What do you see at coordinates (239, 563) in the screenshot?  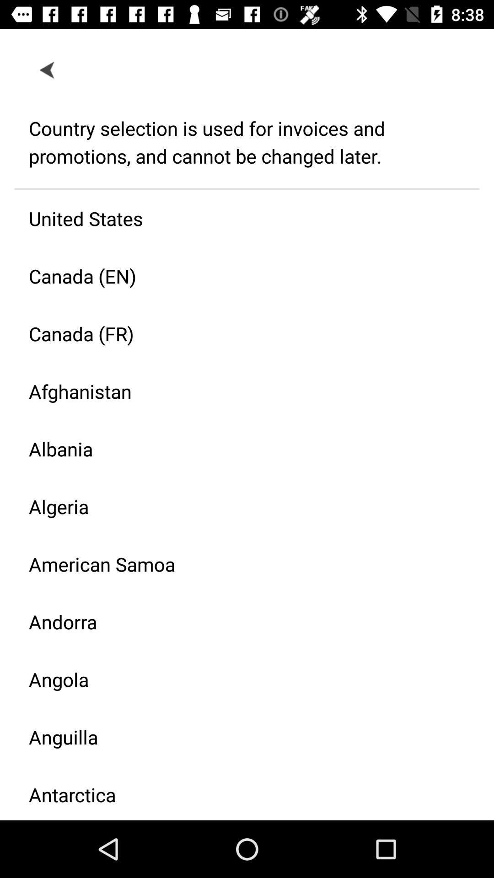 I see `american samoa` at bounding box center [239, 563].